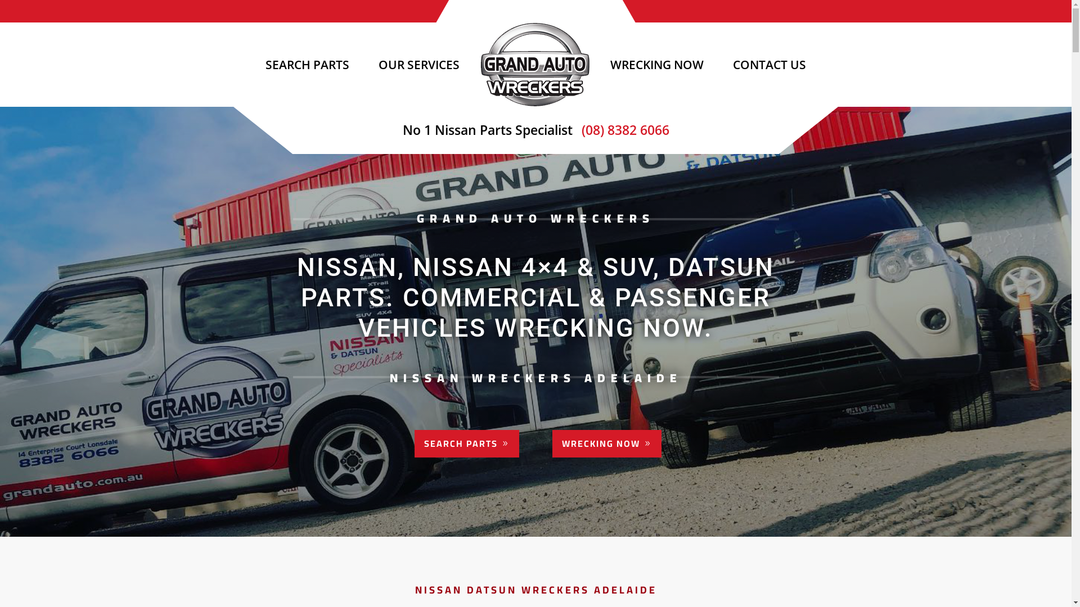 The image size is (1080, 607). What do you see at coordinates (418, 65) in the screenshot?
I see `'OUR SERVICES'` at bounding box center [418, 65].